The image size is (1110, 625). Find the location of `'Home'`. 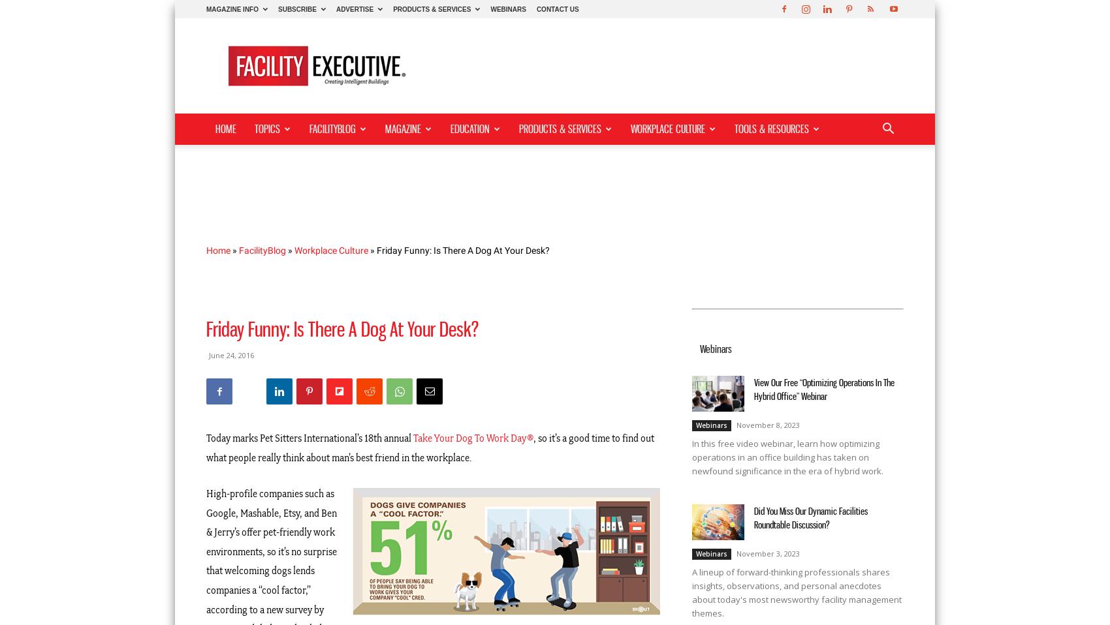

'Home' is located at coordinates (217, 249).